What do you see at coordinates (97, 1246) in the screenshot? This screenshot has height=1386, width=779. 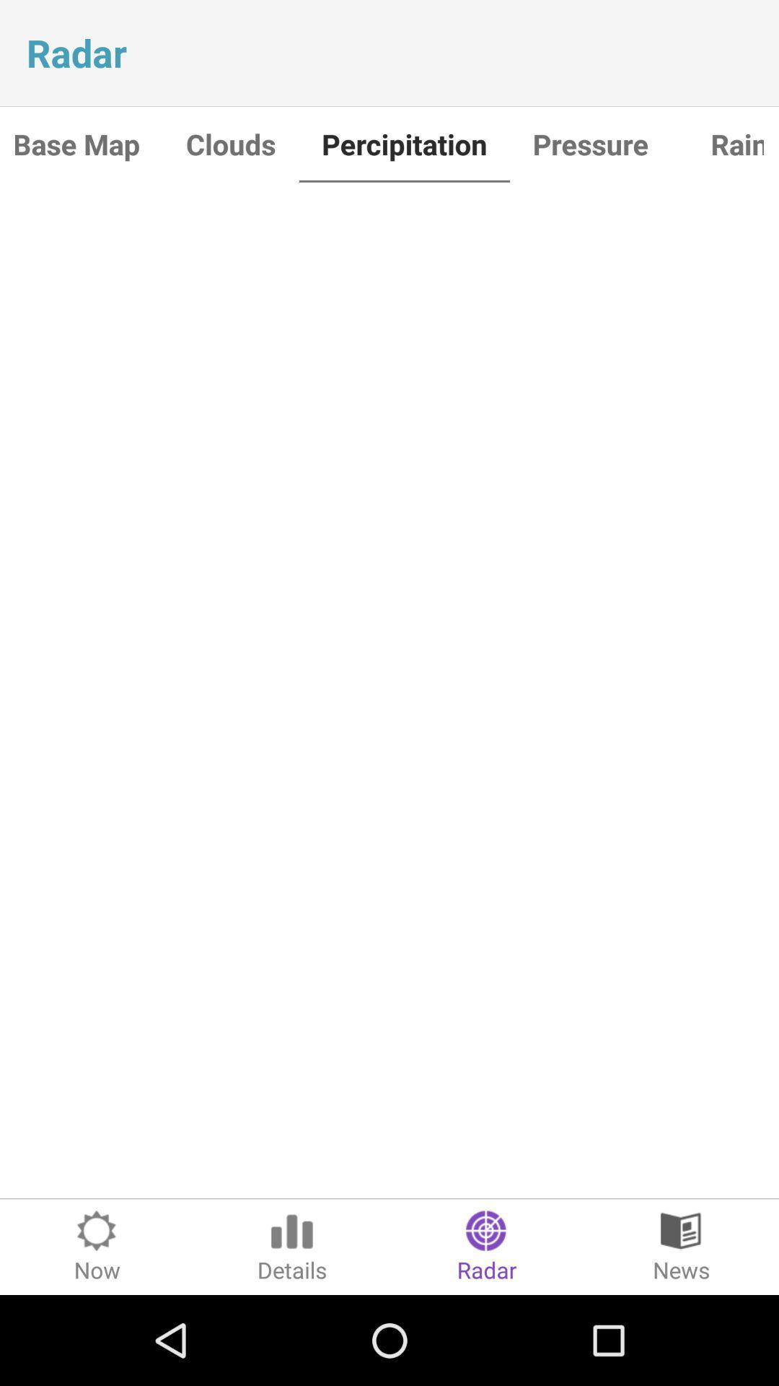 I see `icon next to the details item` at bounding box center [97, 1246].